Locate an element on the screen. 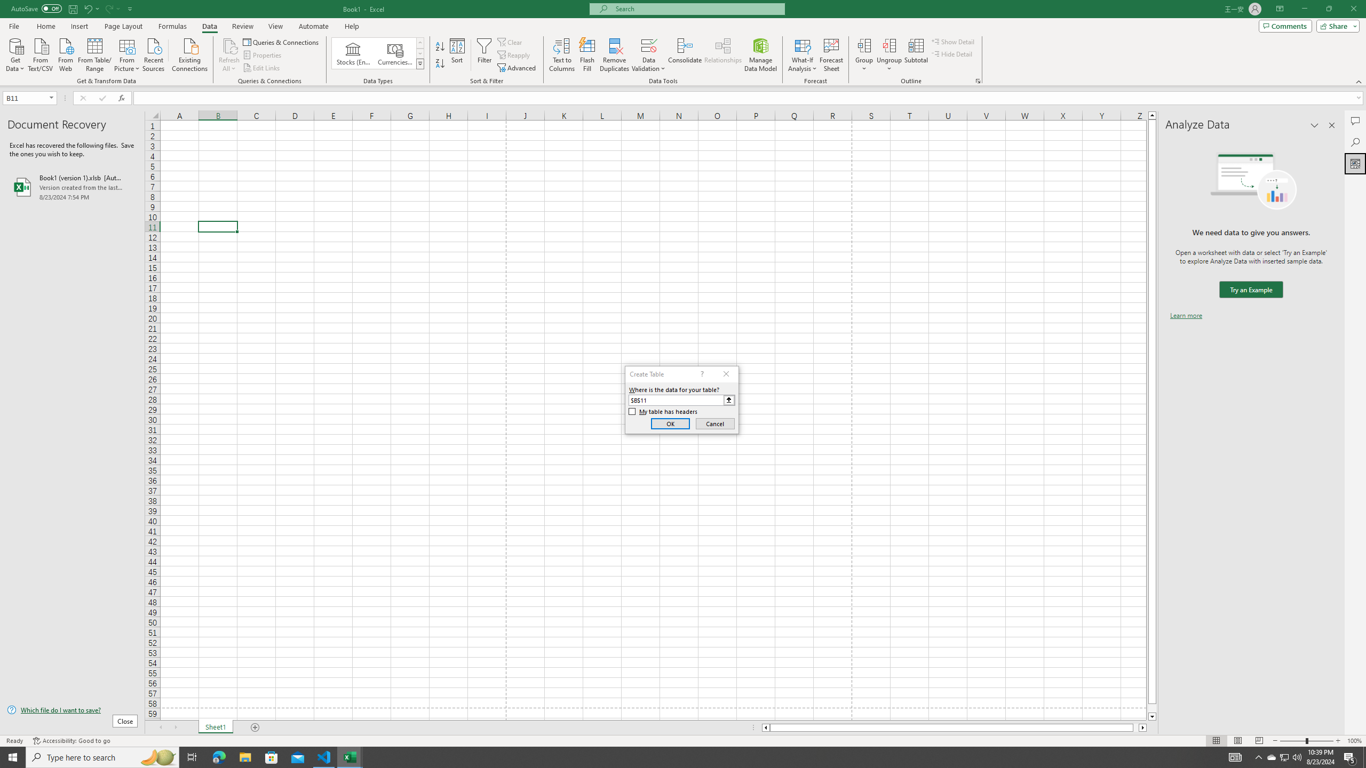  'Queries & Connections' is located at coordinates (281, 42).